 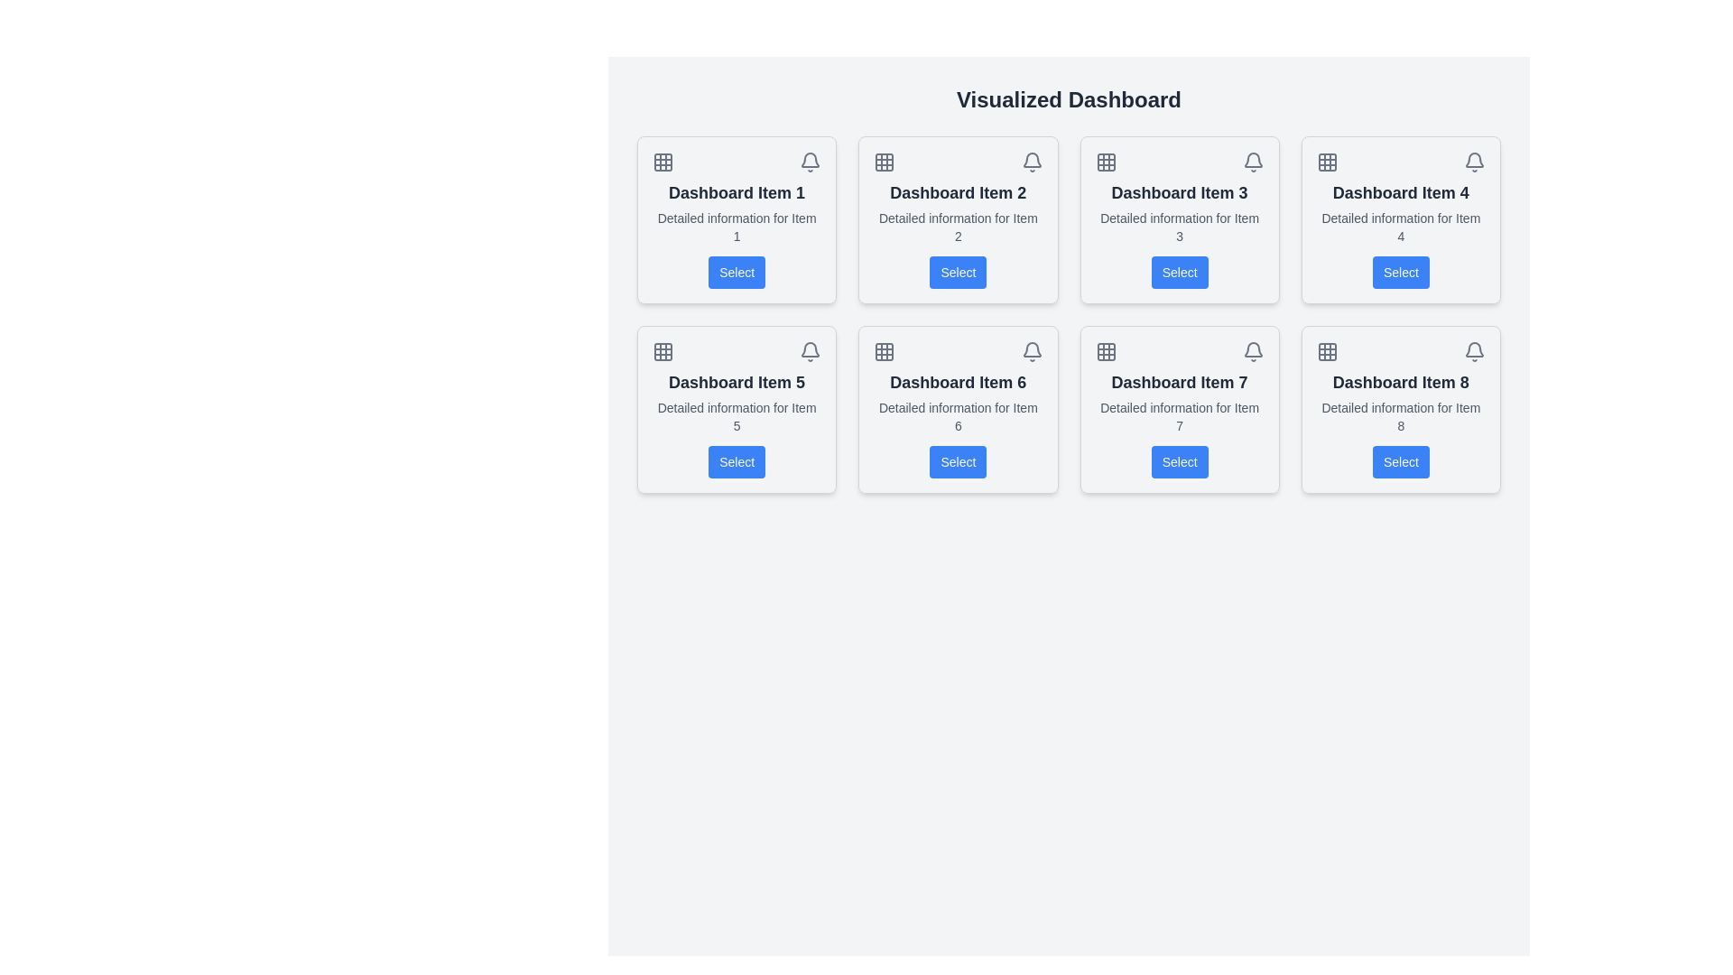 I want to click on heading text 'Visualized Dashboard', which is a bold and large heading styled in dark gray and located at the top center of the main content area, so click(x=1069, y=100).